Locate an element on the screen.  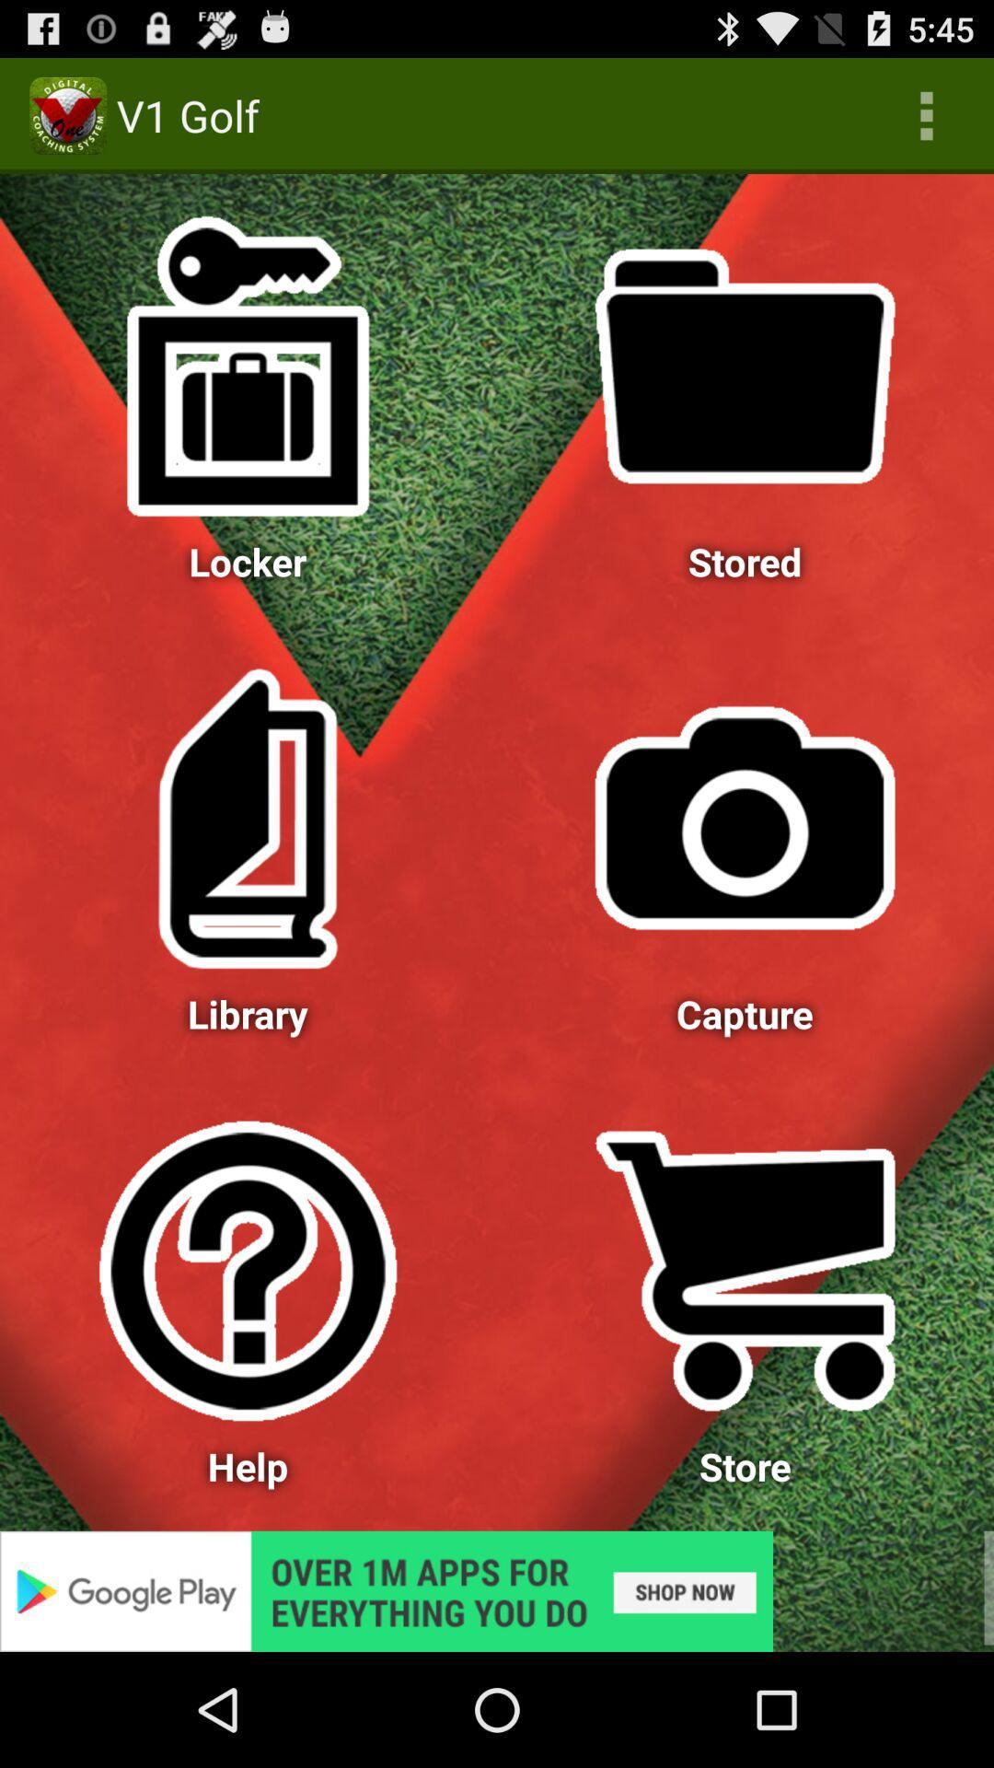
the item at the bottom is located at coordinates (497, 1590).